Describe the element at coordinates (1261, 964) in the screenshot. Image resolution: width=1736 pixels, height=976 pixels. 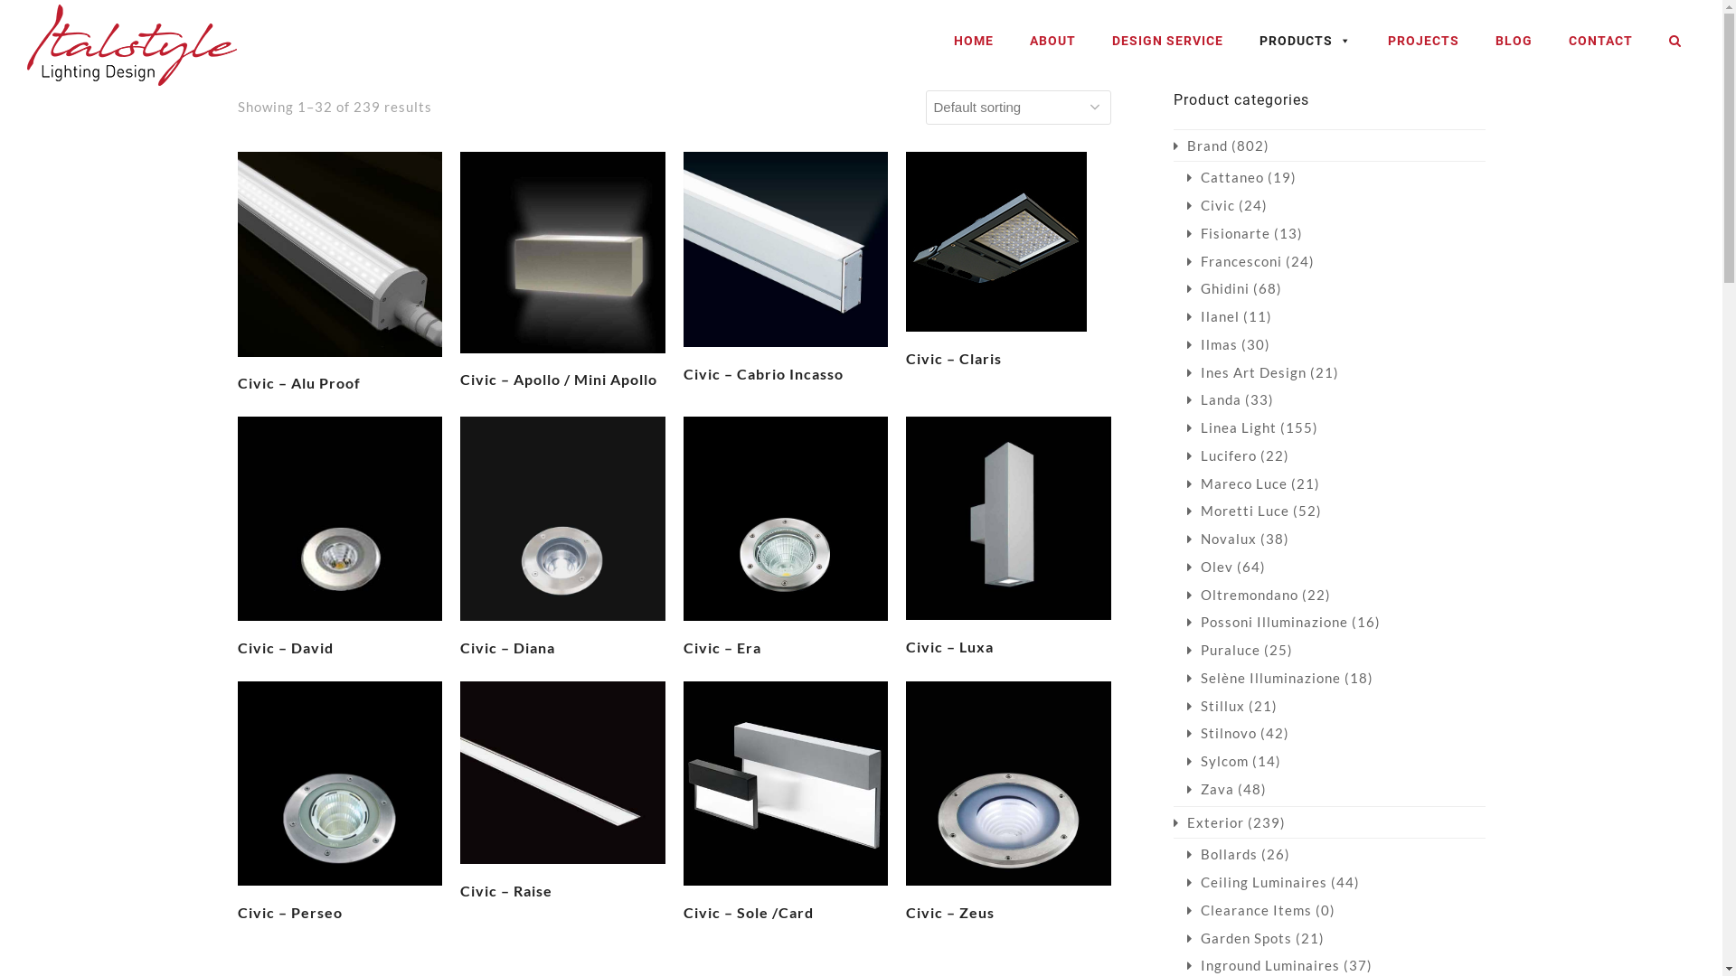
I see `'Inground Luminaires'` at that location.